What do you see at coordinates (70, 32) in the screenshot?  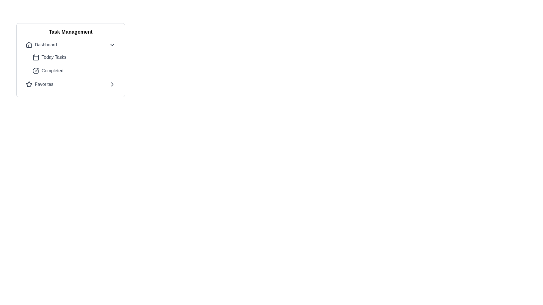 I see `the Header/Title text that serves as the title for the task management section, which is centered horizontally at the top of the white card layout` at bounding box center [70, 32].